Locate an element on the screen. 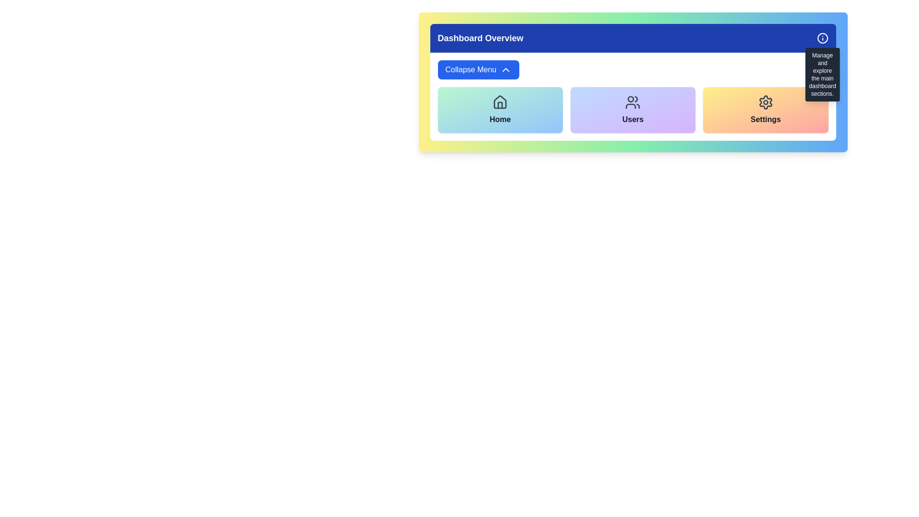 The width and height of the screenshot is (919, 517). the 'Users' card in the Interactive Card section is located at coordinates (633, 110).